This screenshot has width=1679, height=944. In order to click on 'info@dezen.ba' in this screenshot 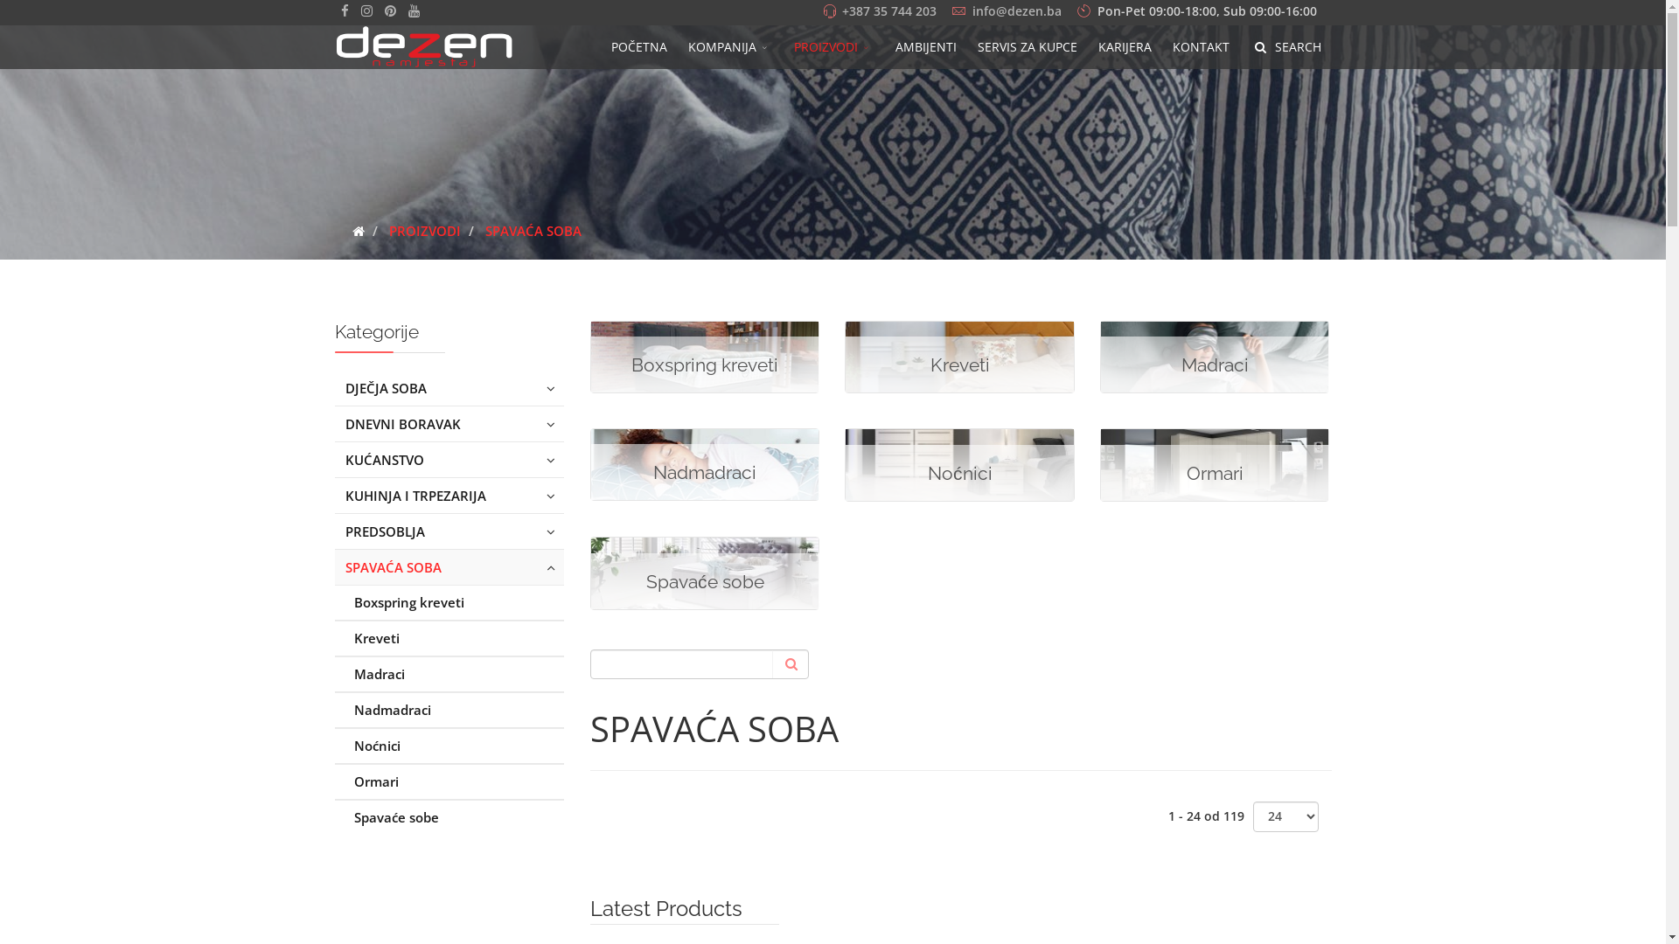, I will do `click(972, 10)`.